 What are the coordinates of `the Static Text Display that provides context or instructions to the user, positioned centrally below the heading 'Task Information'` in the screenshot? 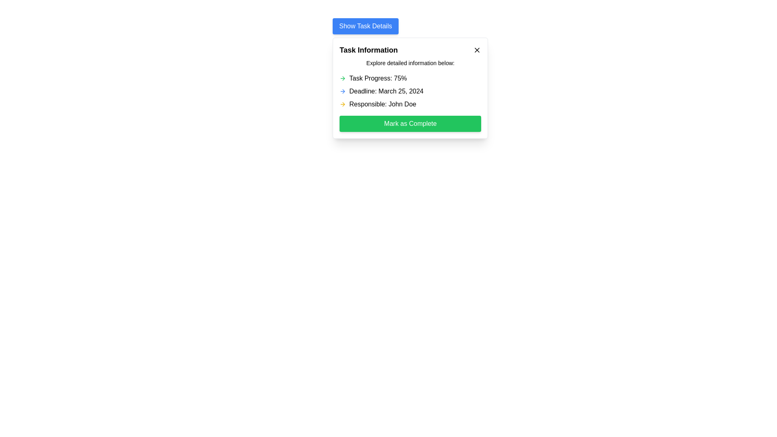 It's located at (410, 62).